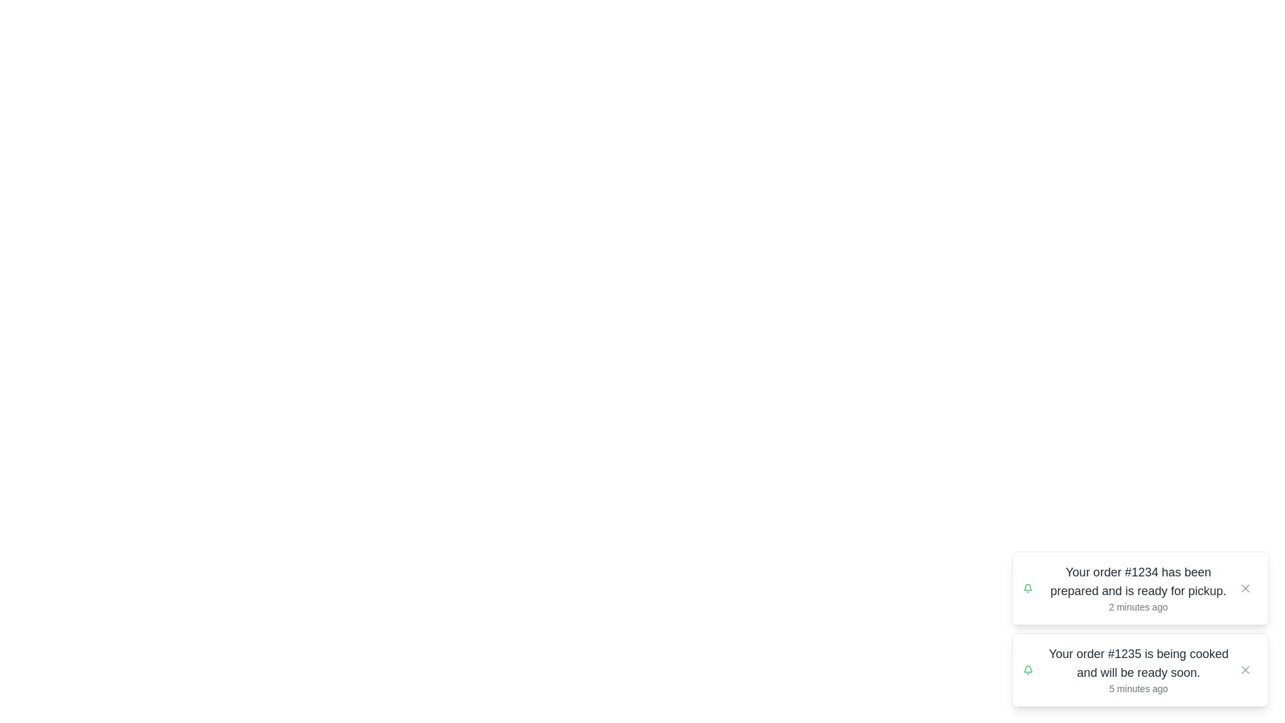 This screenshot has width=1285, height=723. Describe the element at coordinates (1245, 588) in the screenshot. I see `the close button icon (cross) in the top right corner of the notification card to change its color to red` at that location.